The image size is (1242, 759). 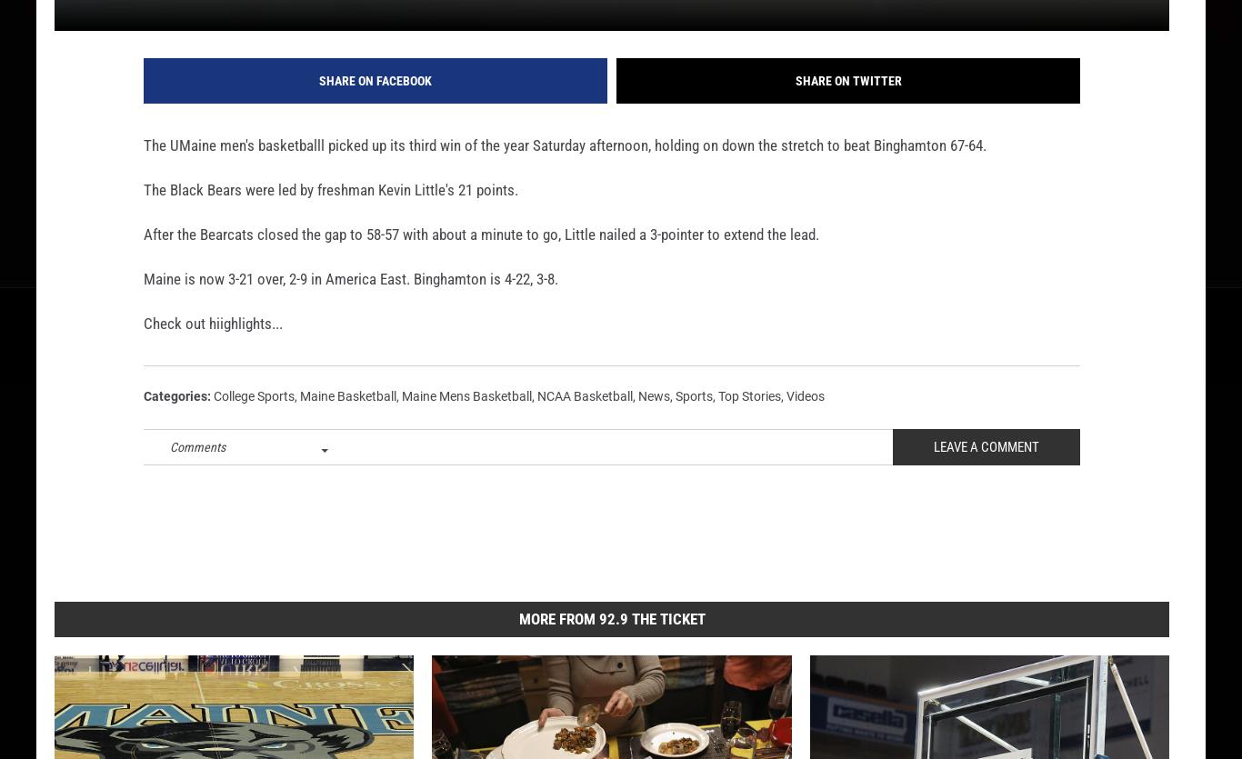 What do you see at coordinates (196, 475) in the screenshot?
I see `'Comments'` at bounding box center [196, 475].